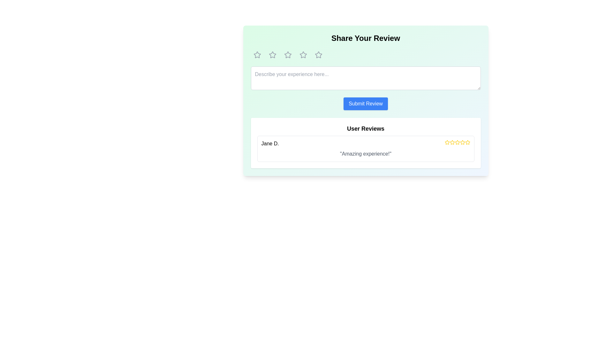  What do you see at coordinates (457, 142) in the screenshot?
I see `the third yellow star-shaped icon in the User Reviews section to interact with the rating system` at bounding box center [457, 142].